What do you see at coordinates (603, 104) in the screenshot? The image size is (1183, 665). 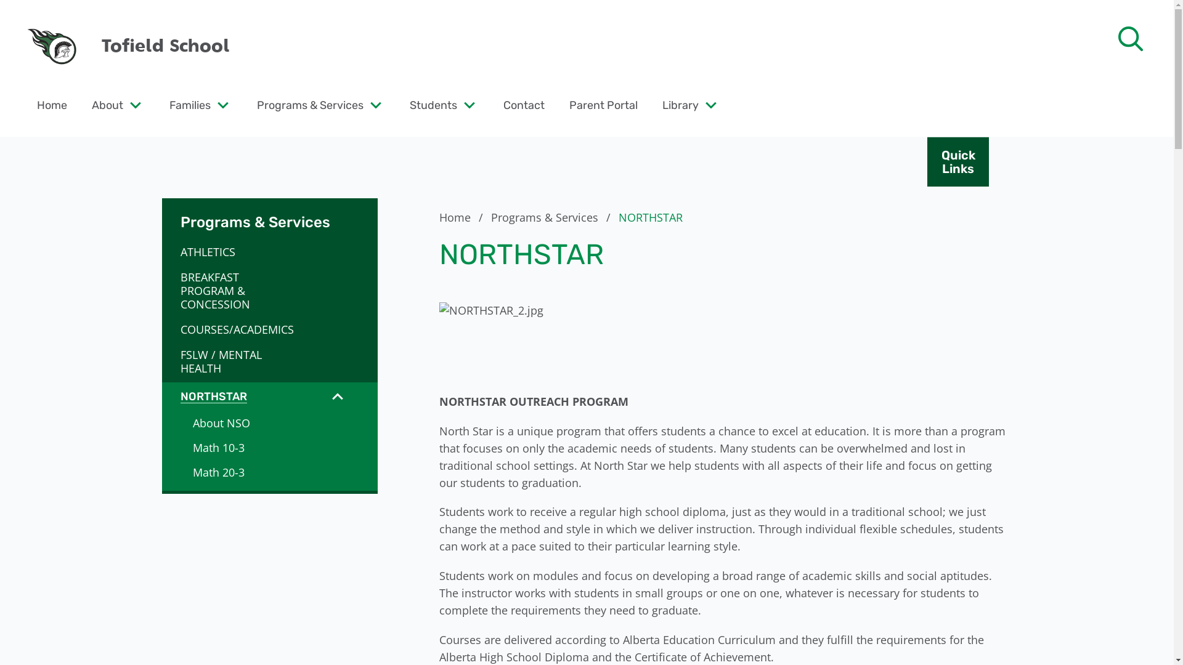 I see `'Parent Portal'` at bounding box center [603, 104].